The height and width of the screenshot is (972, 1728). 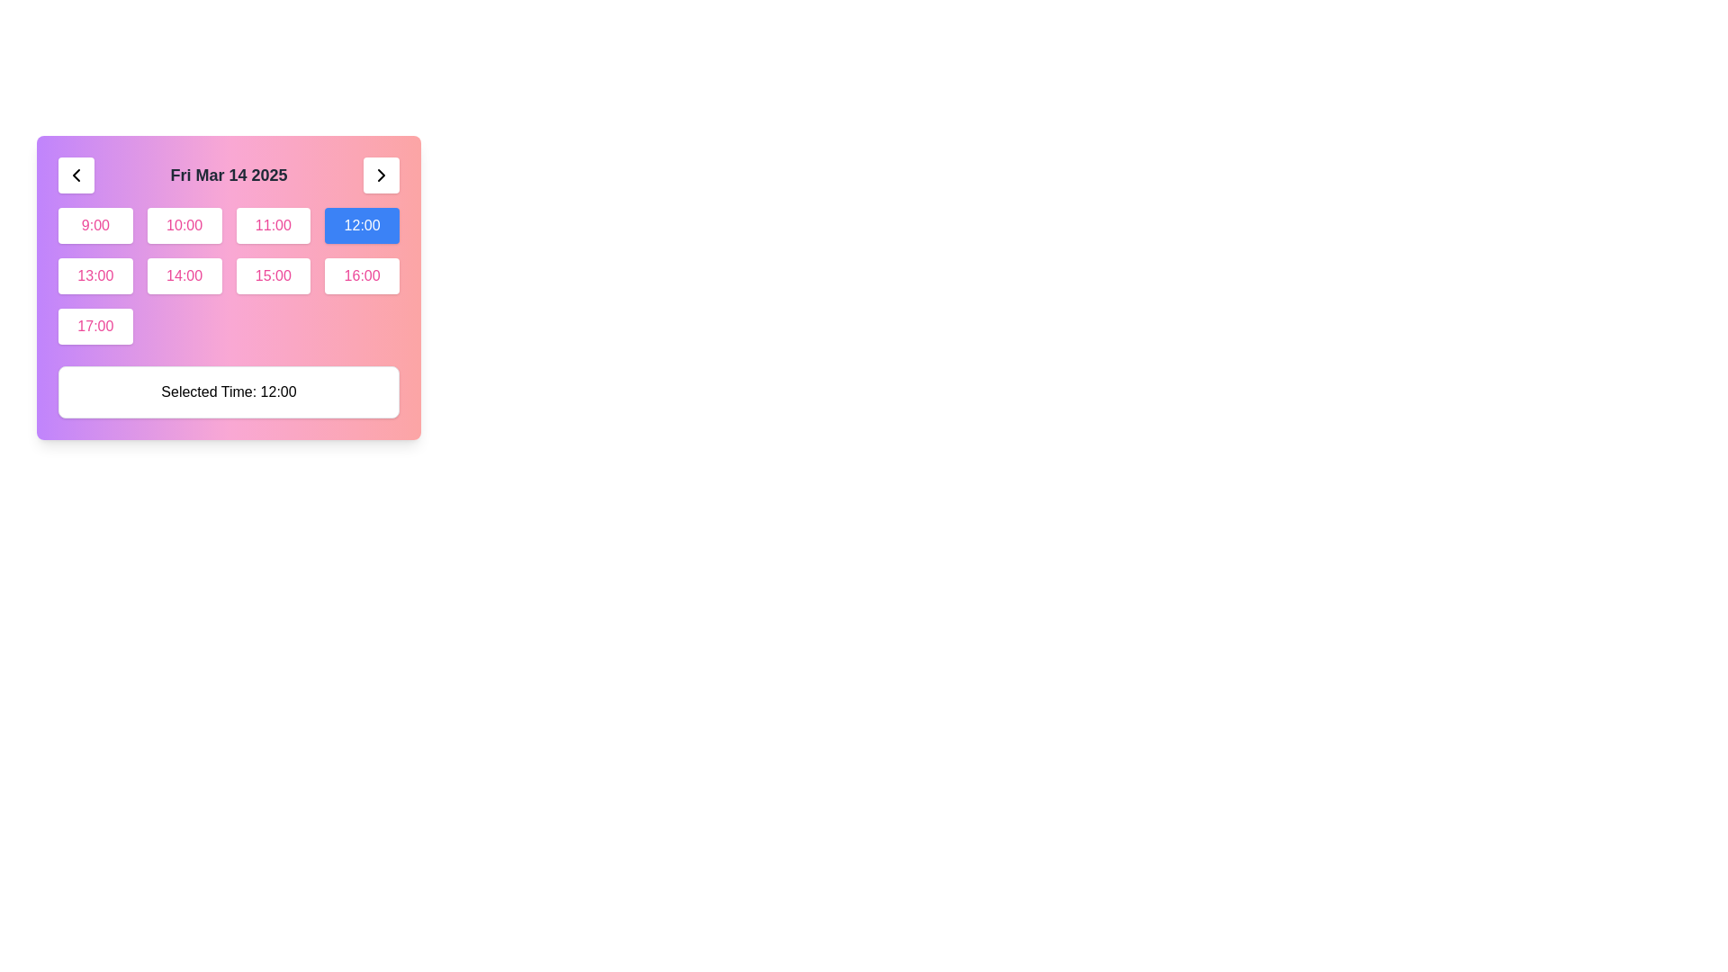 I want to click on the chevron arrow in the top-right corner of the interface, so click(x=380, y=175).